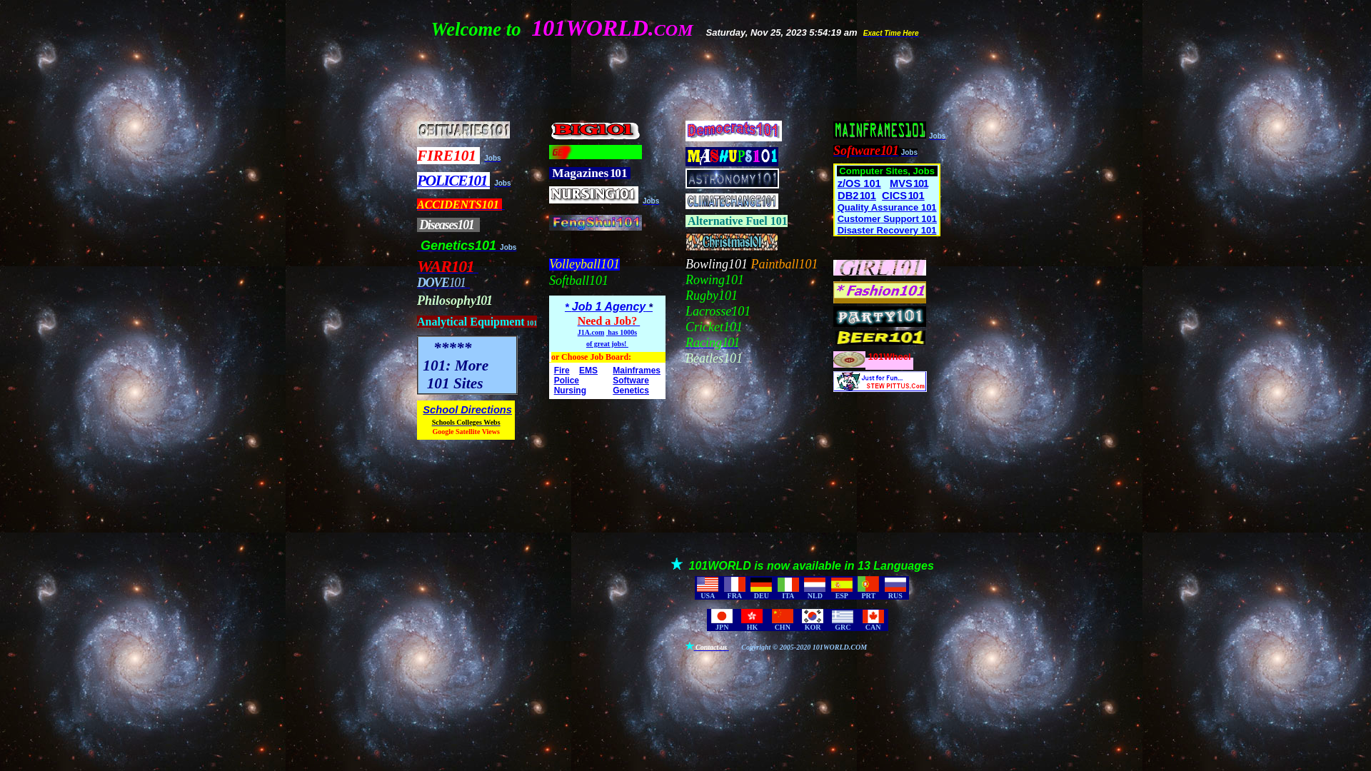  What do you see at coordinates (781, 625) in the screenshot?
I see `'CHN'` at bounding box center [781, 625].